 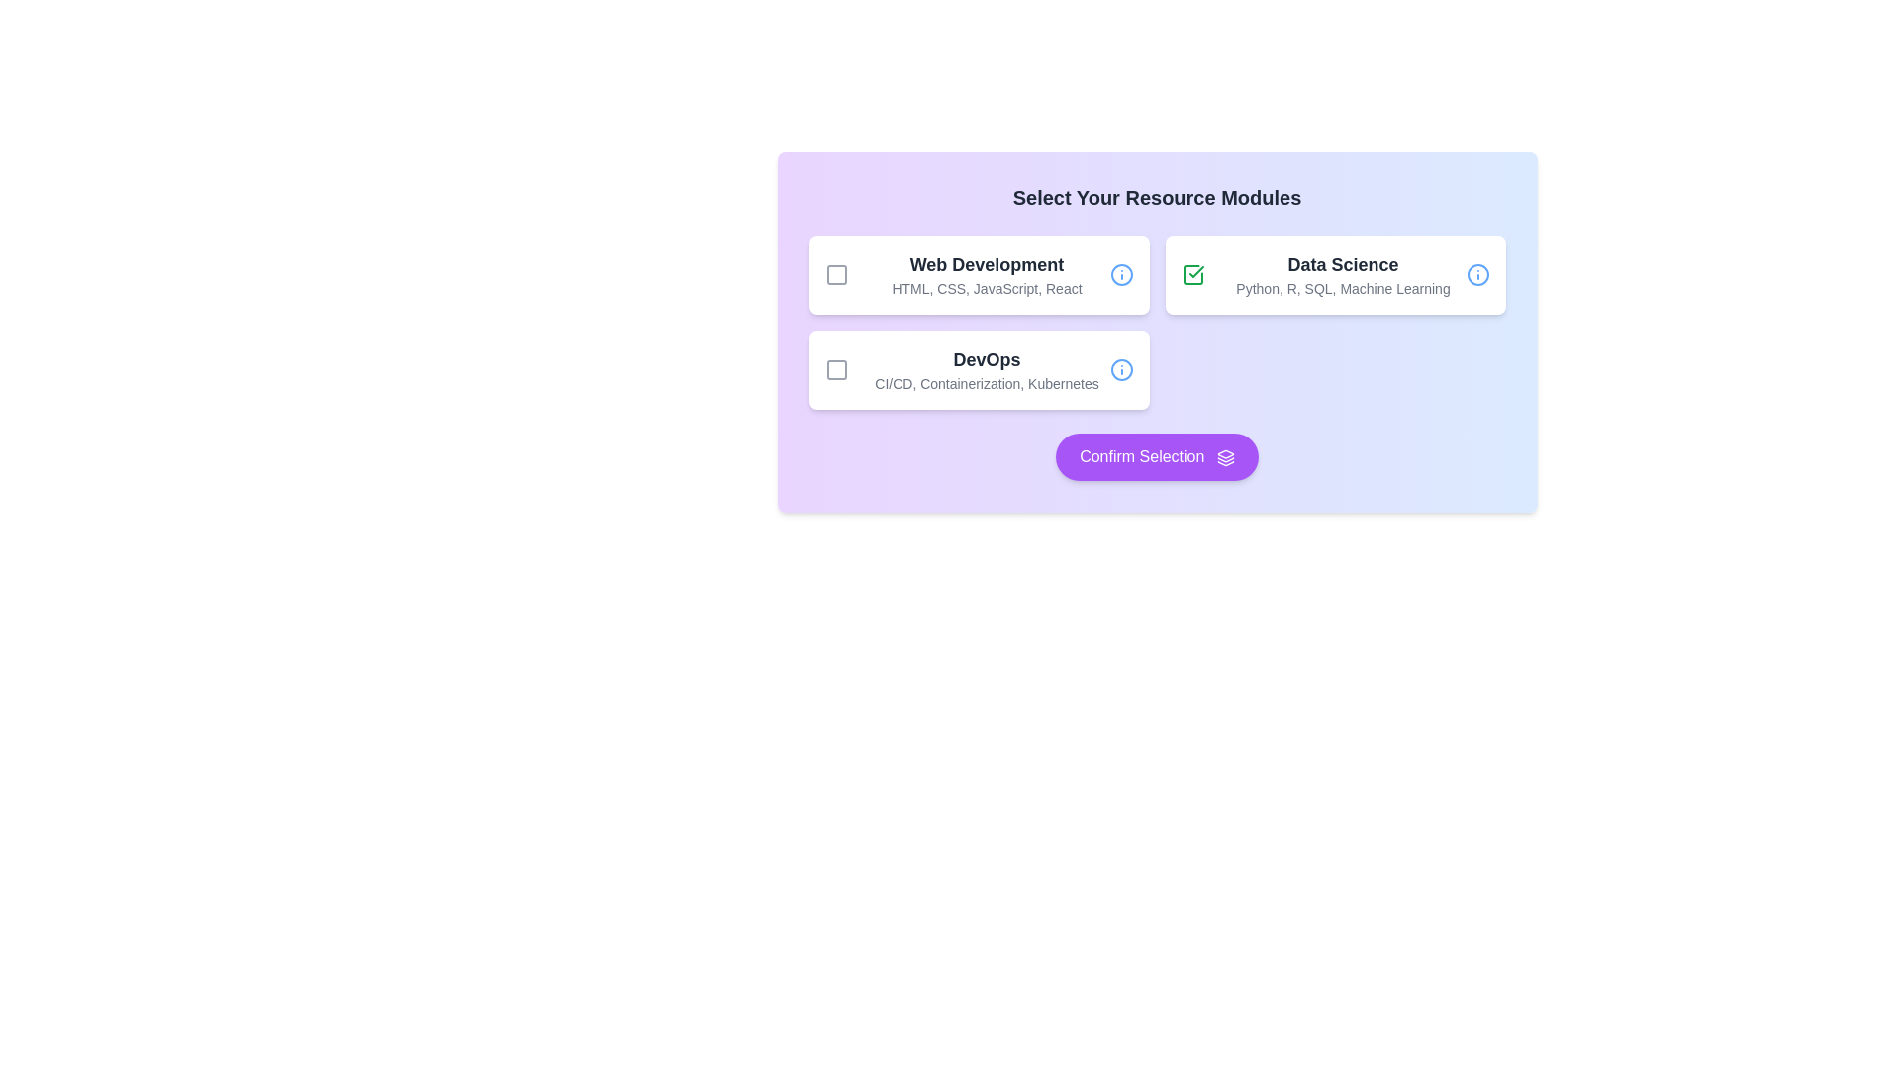 I want to click on the text label containing 'CI/CD, Containerization, Kubernetes', which is styled in gray and positioned below the 'DevOps' heading, so click(x=987, y=384).